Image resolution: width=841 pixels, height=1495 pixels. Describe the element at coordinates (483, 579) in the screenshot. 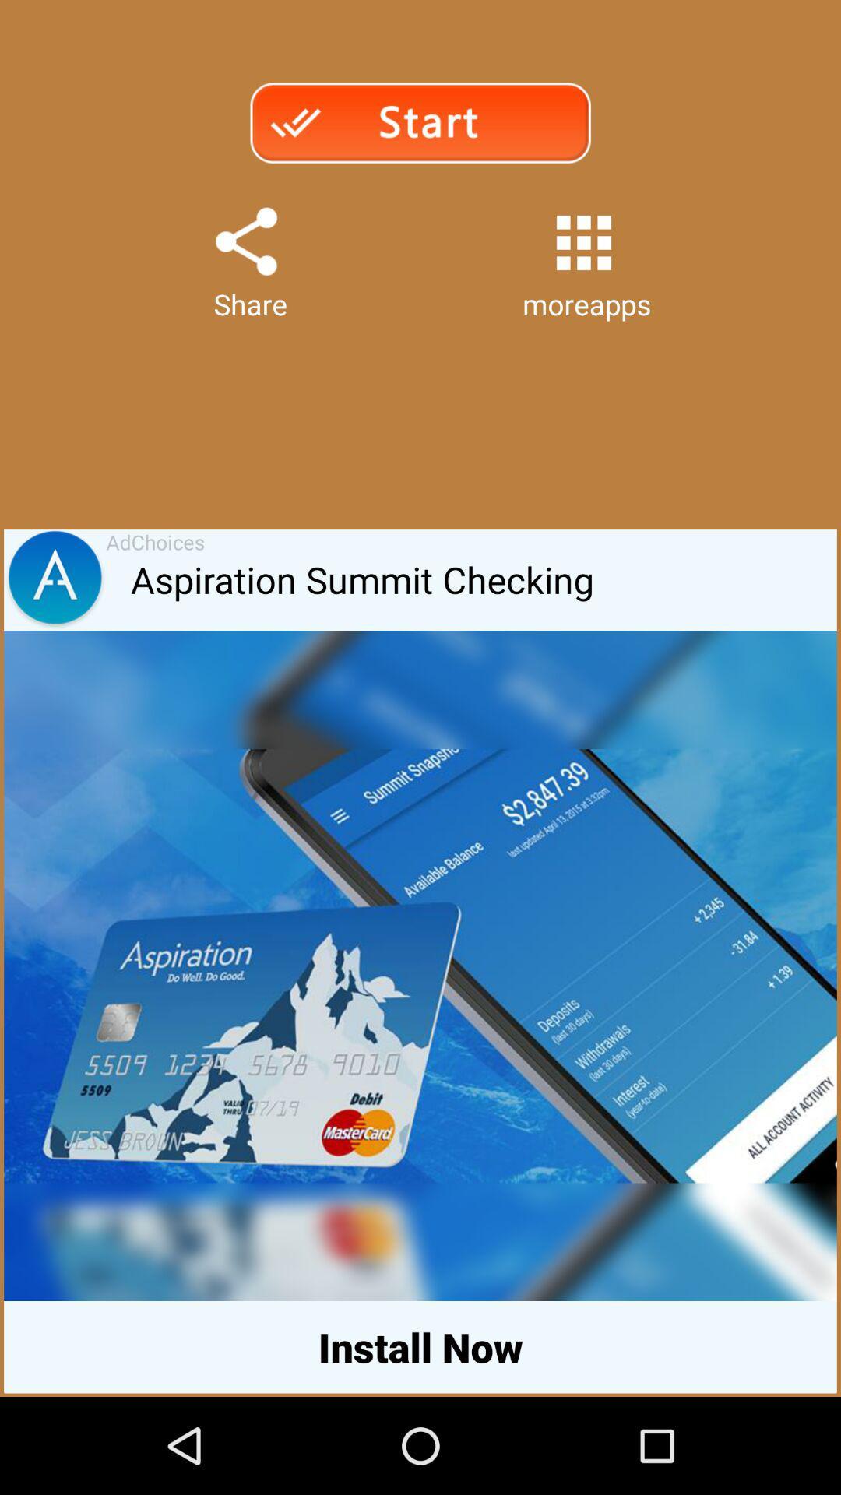

I see `the aspiration summit checking app` at that location.